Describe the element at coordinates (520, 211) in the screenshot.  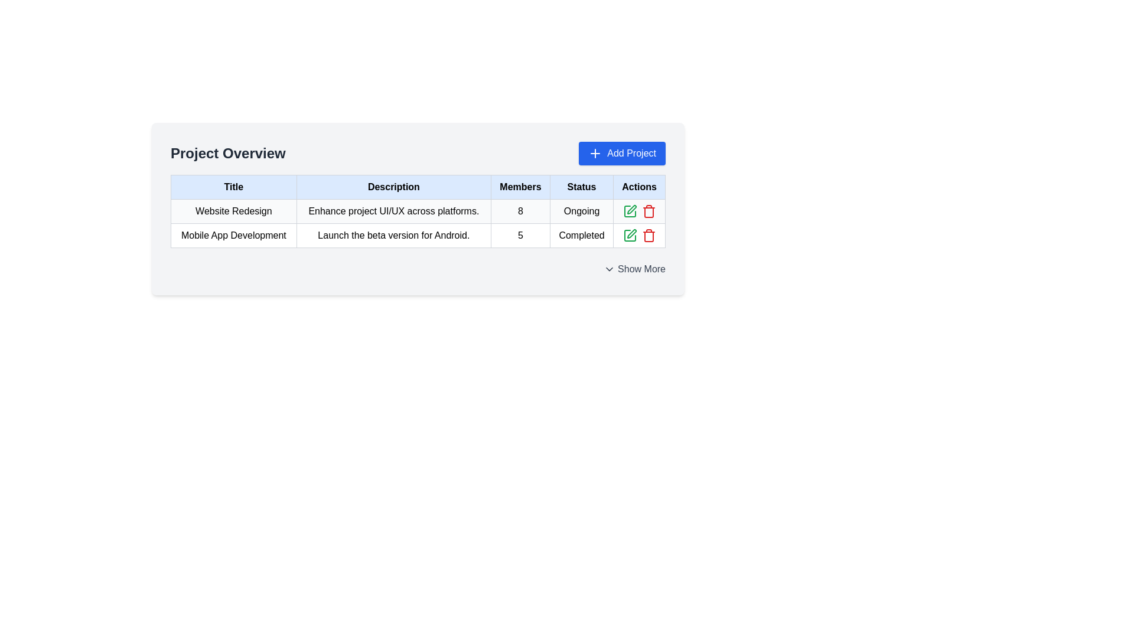
I see `the table cell containing the number '8'` at that location.